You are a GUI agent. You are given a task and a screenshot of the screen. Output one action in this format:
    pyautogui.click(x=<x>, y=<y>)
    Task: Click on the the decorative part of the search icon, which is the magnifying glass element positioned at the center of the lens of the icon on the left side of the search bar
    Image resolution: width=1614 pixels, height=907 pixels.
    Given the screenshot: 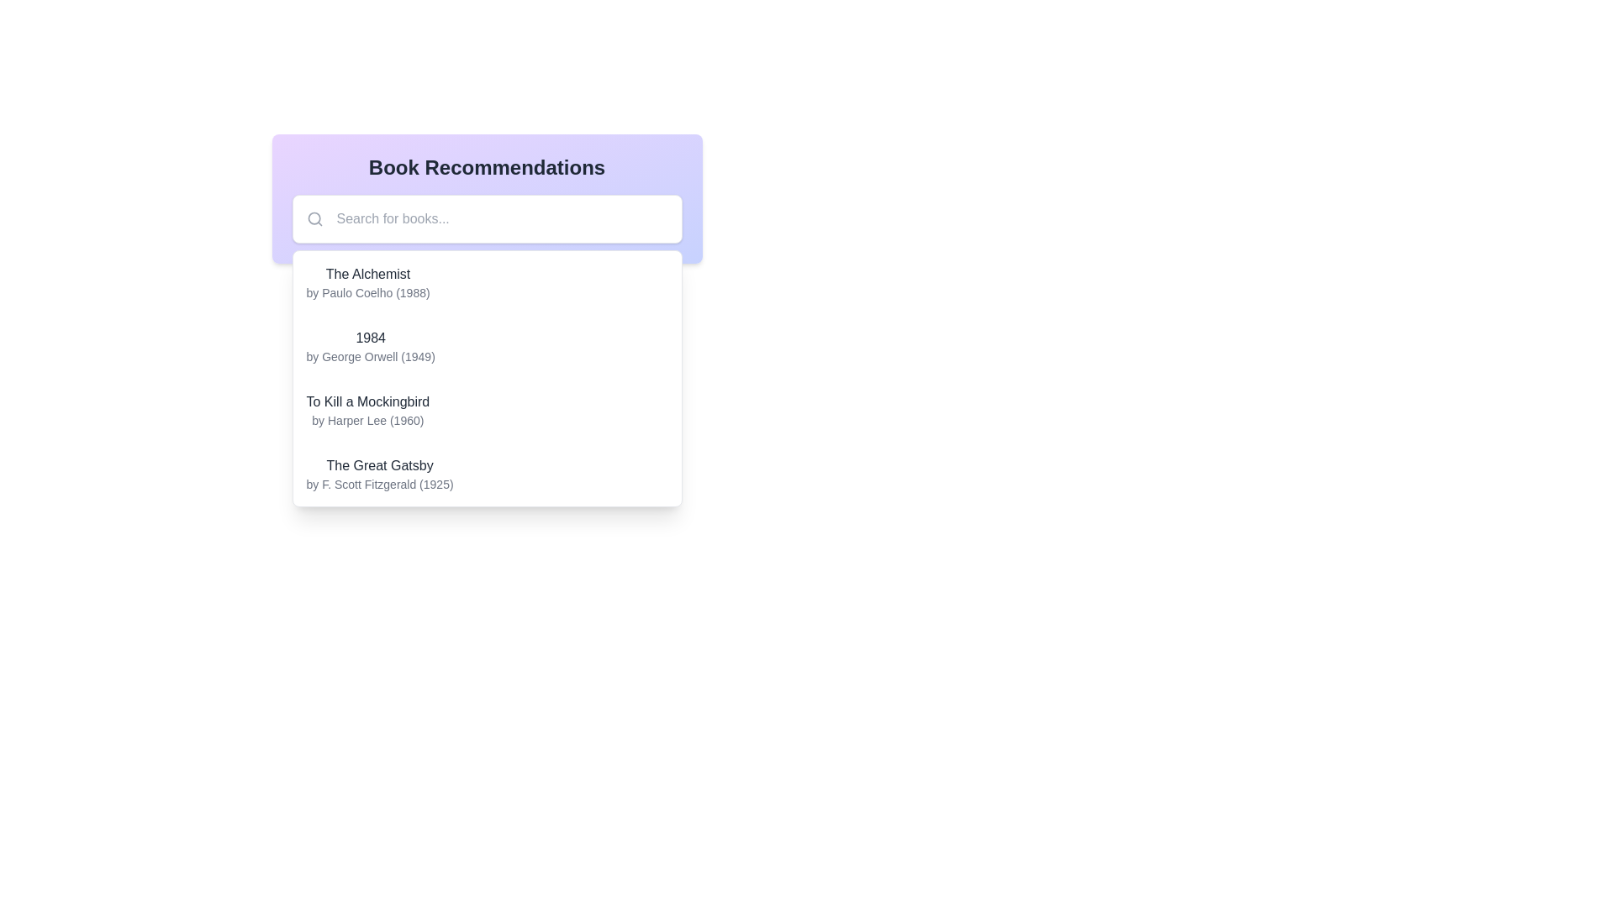 What is the action you would take?
    pyautogui.click(x=314, y=218)
    